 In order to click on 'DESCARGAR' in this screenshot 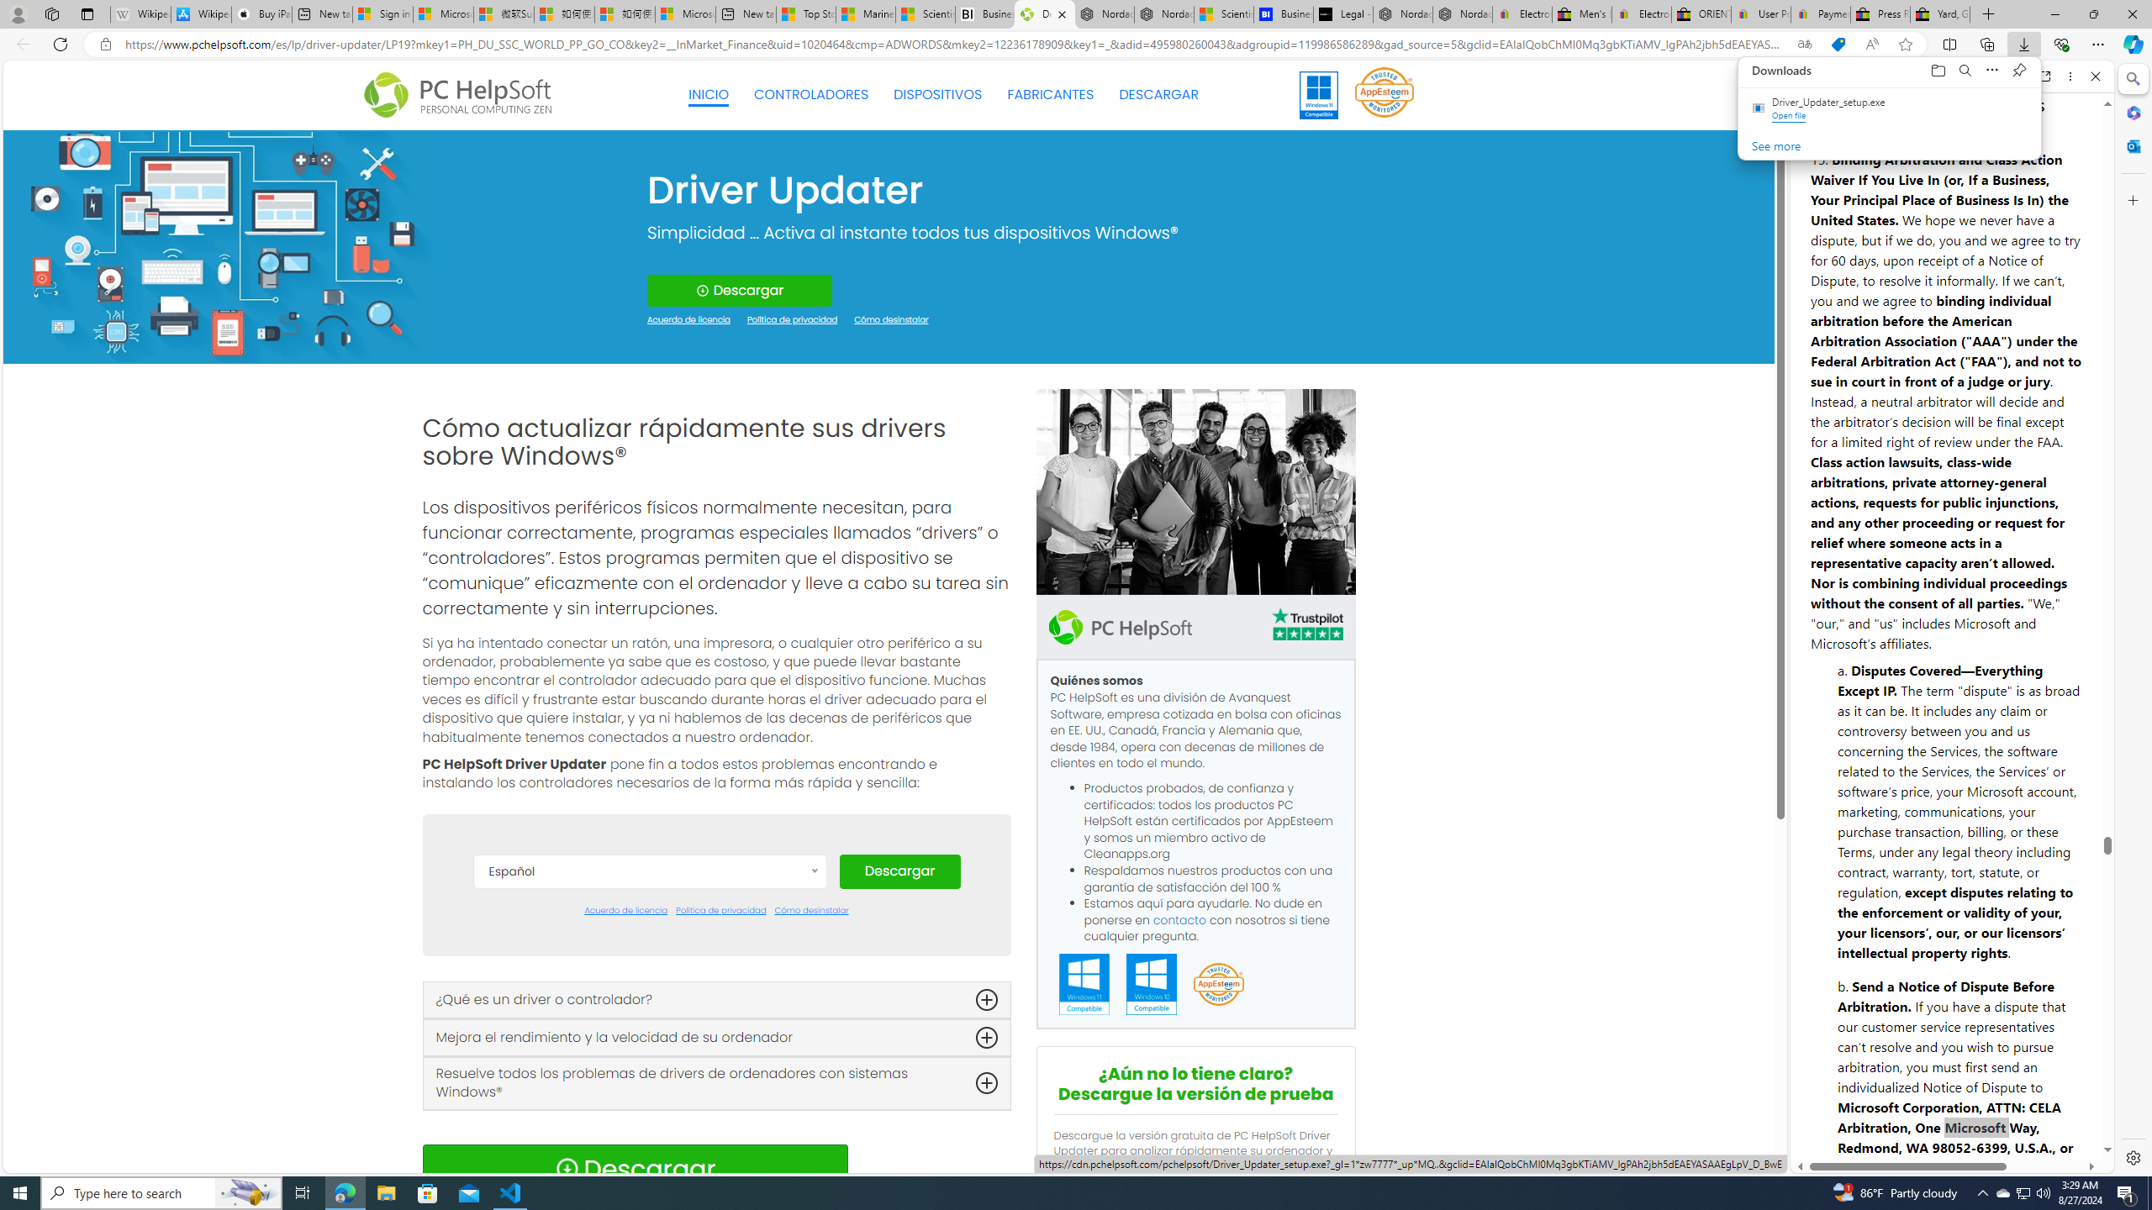, I will do `click(1158, 94)`.